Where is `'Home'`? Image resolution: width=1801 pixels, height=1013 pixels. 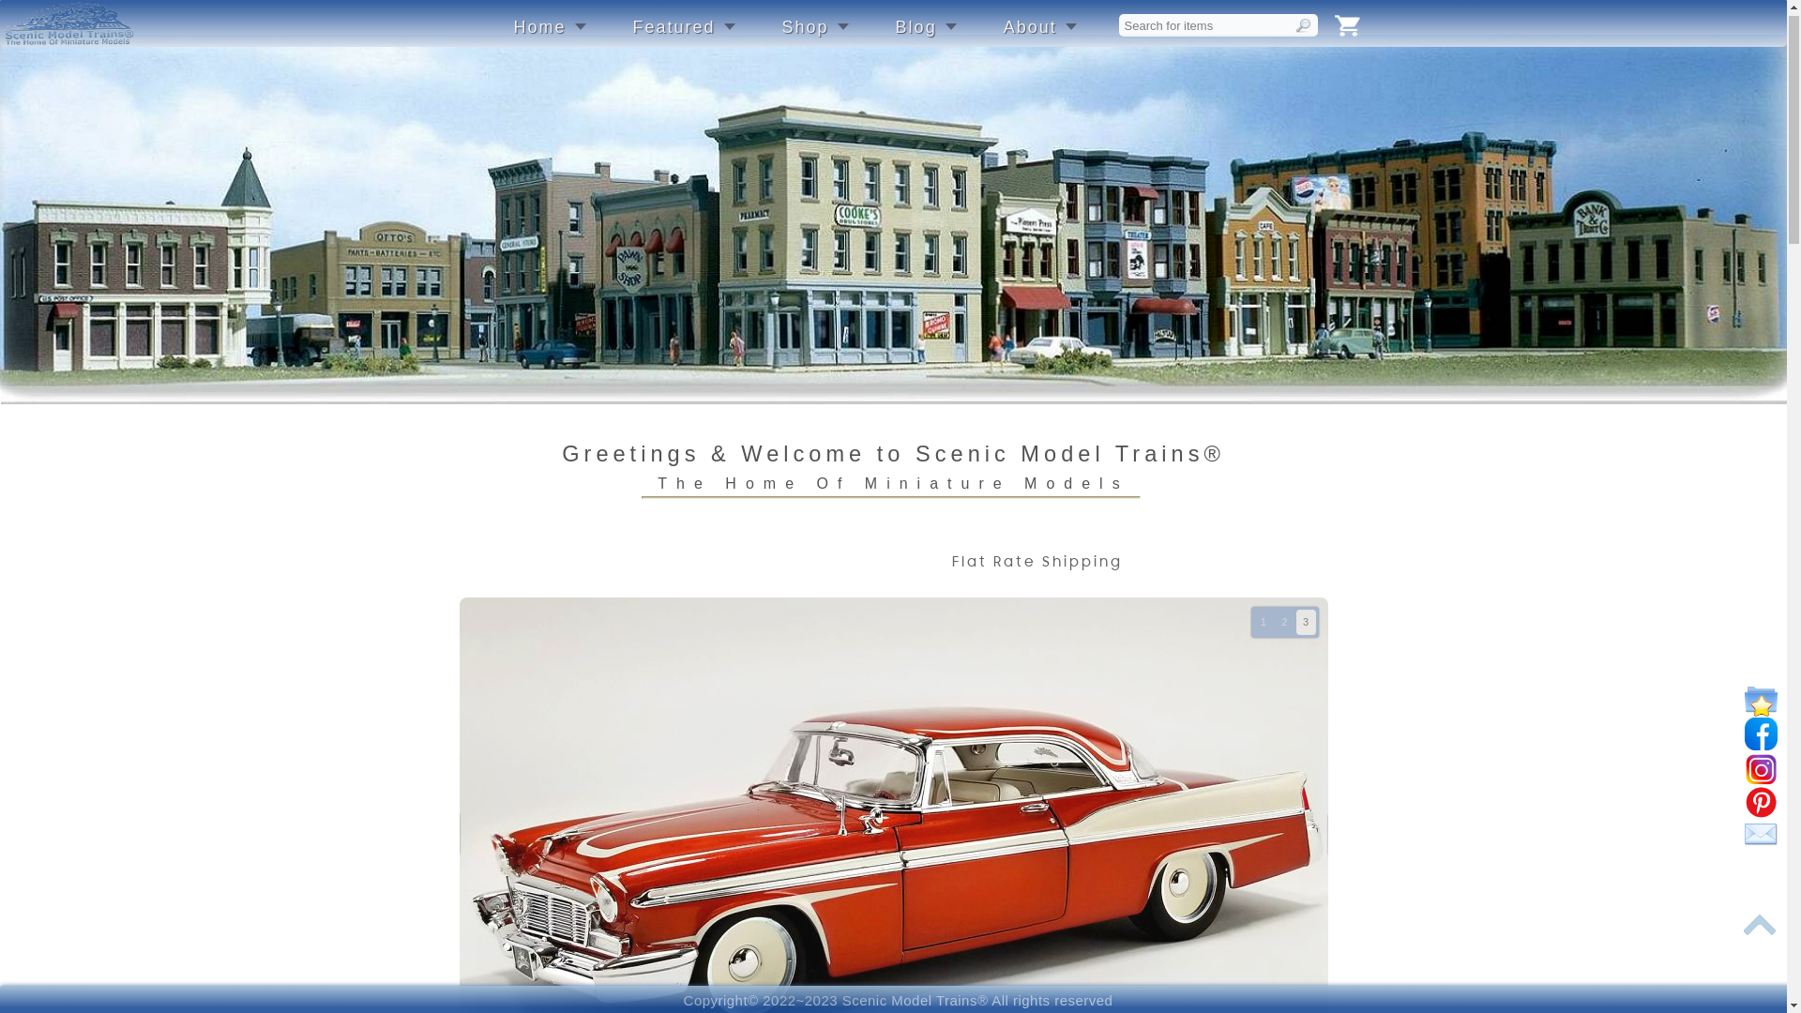 'Home' is located at coordinates (549, 37).